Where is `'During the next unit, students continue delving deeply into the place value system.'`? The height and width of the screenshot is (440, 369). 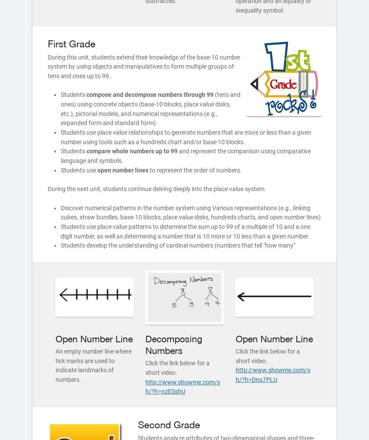 'During the next unit, students continue delving deeply into the place value system.' is located at coordinates (156, 188).